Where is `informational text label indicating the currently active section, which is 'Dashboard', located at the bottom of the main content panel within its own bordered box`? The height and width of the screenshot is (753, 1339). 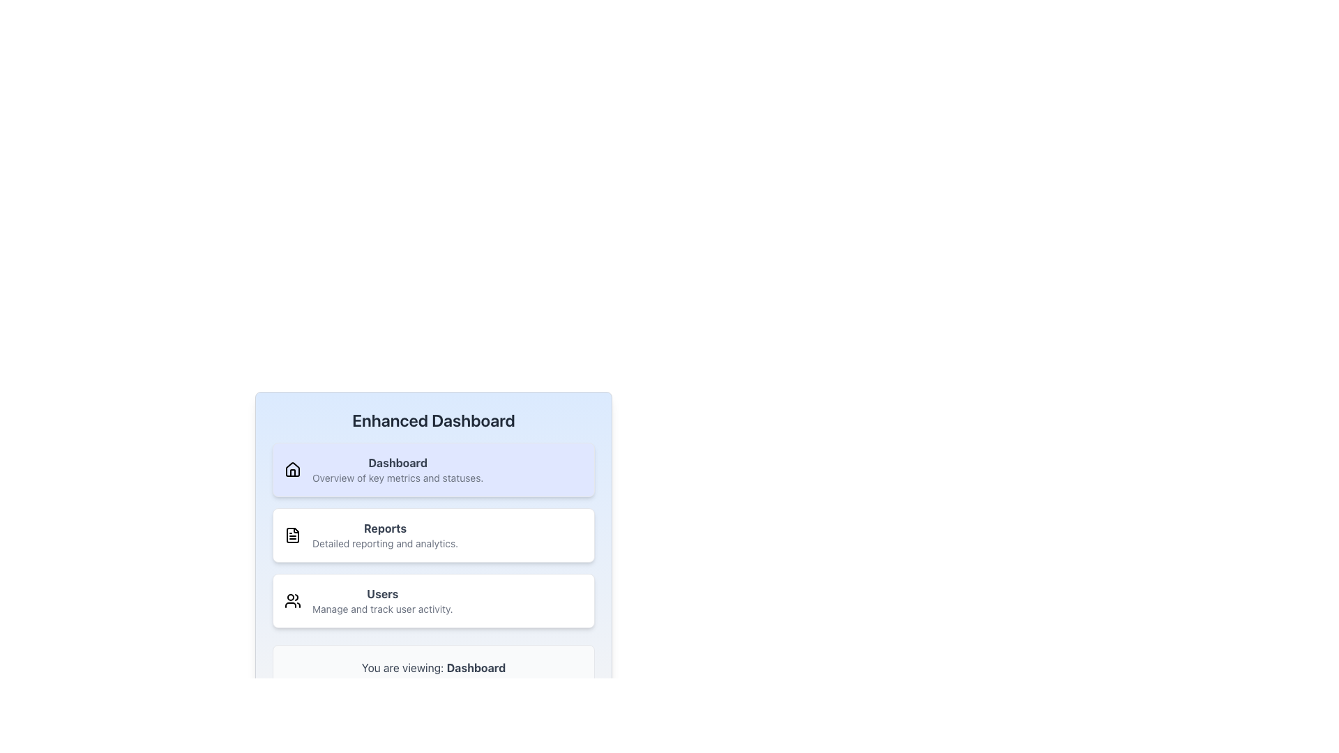
informational text label indicating the currently active section, which is 'Dashboard', located at the bottom of the main content panel within its own bordered box is located at coordinates (433, 667).